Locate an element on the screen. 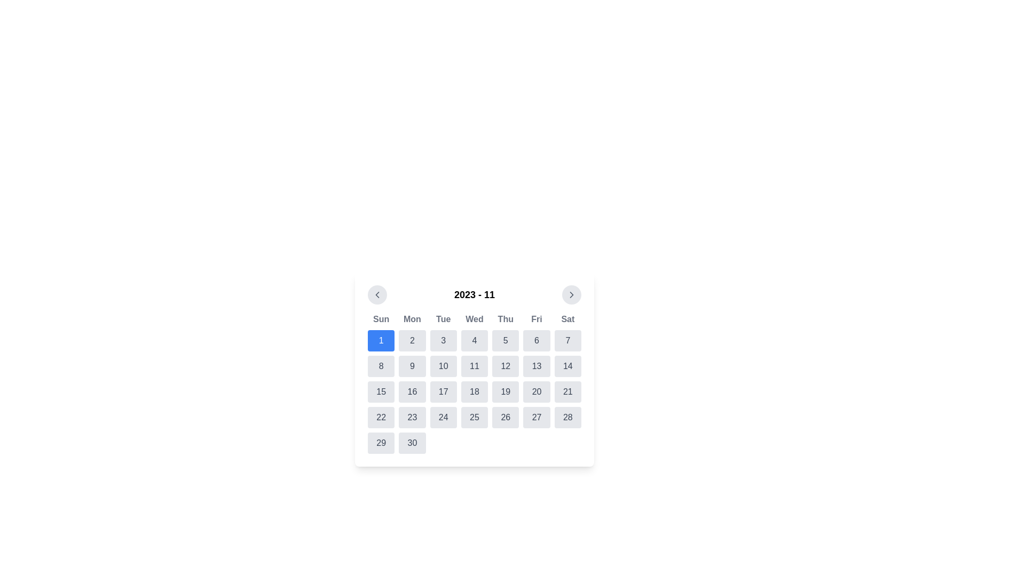  the non-interactive label indicating 'Tuesday' which is positioned above the calendar grid, between 'Mon' and 'Wed' is located at coordinates (443, 318).